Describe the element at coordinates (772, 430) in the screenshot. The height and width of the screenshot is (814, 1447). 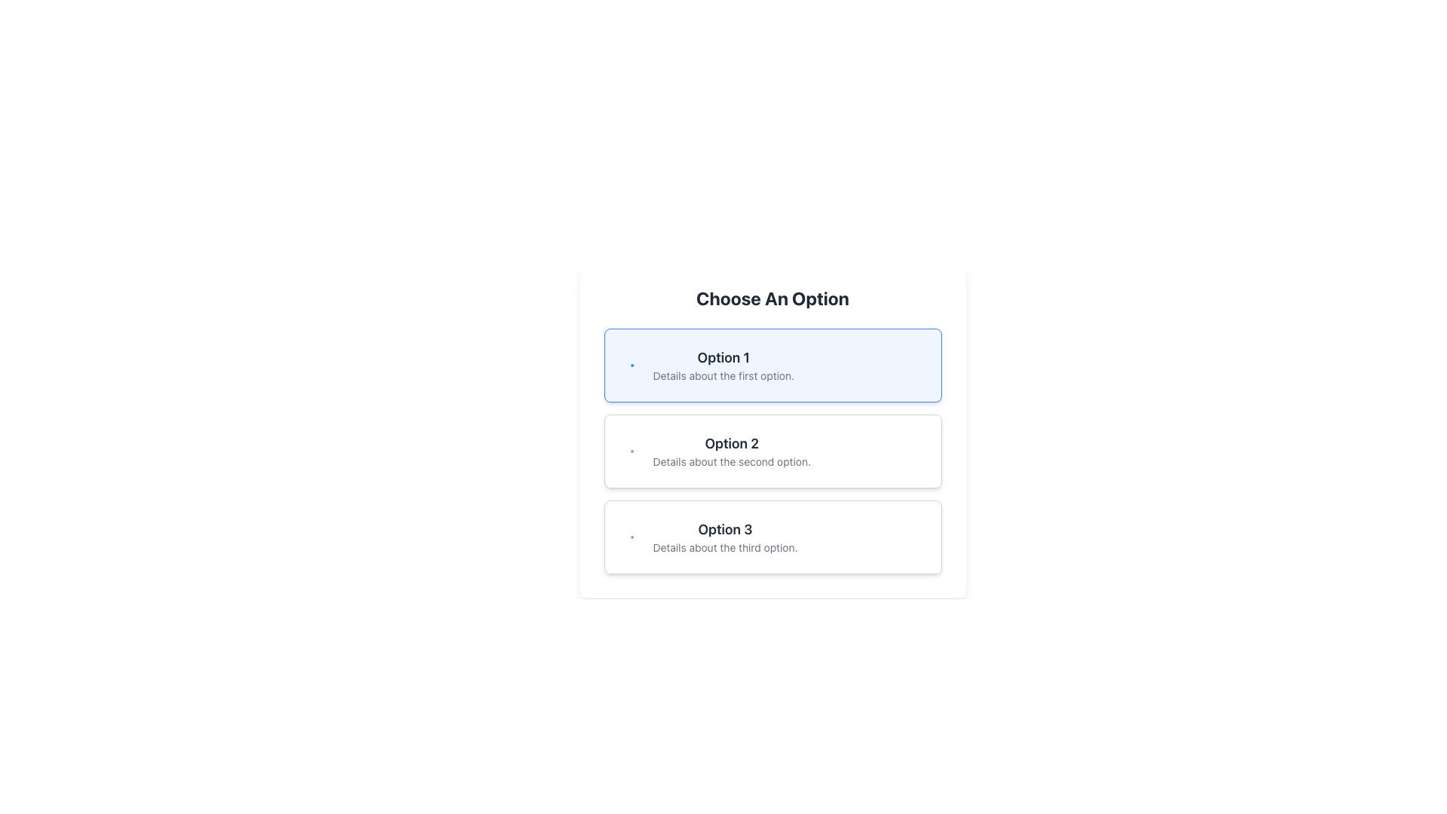
I see `the interactive button for selecting 'Option 2' located in the modal with the title 'Choose An Option'` at that location.